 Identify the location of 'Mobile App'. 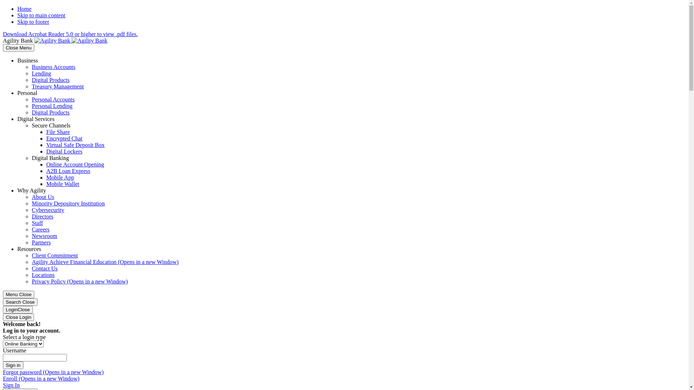
(60, 177).